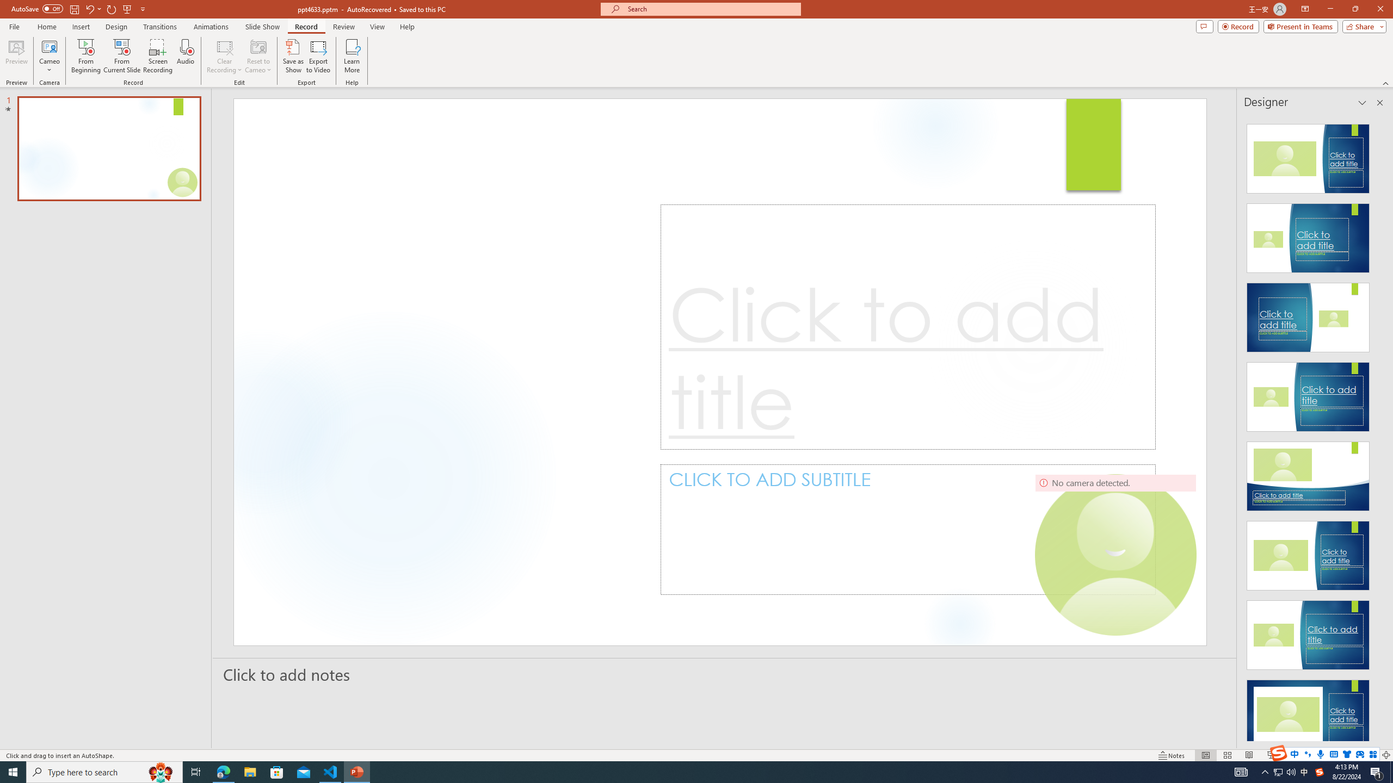 The image size is (1393, 783). Describe the element at coordinates (122, 56) in the screenshot. I see `'From Current Slide...'` at that location.